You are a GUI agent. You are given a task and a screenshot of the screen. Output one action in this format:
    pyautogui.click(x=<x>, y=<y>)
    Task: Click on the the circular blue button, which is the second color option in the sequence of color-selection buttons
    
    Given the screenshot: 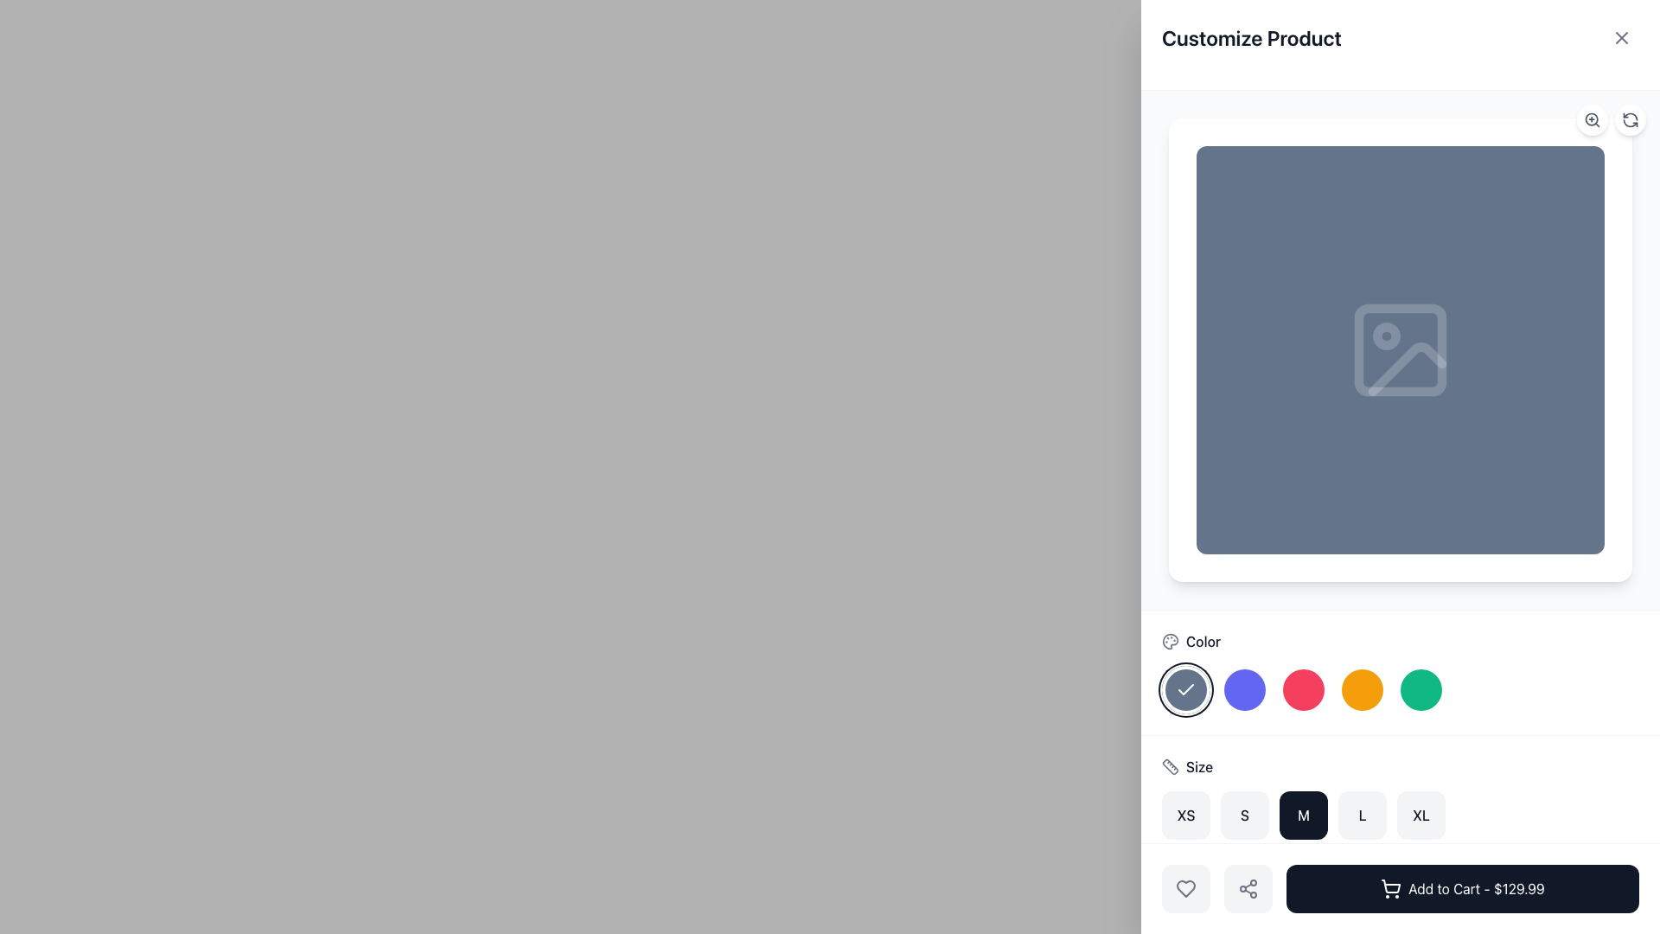 What is the action you would take?
    pyautogui.click(x=1245, y=689)
    